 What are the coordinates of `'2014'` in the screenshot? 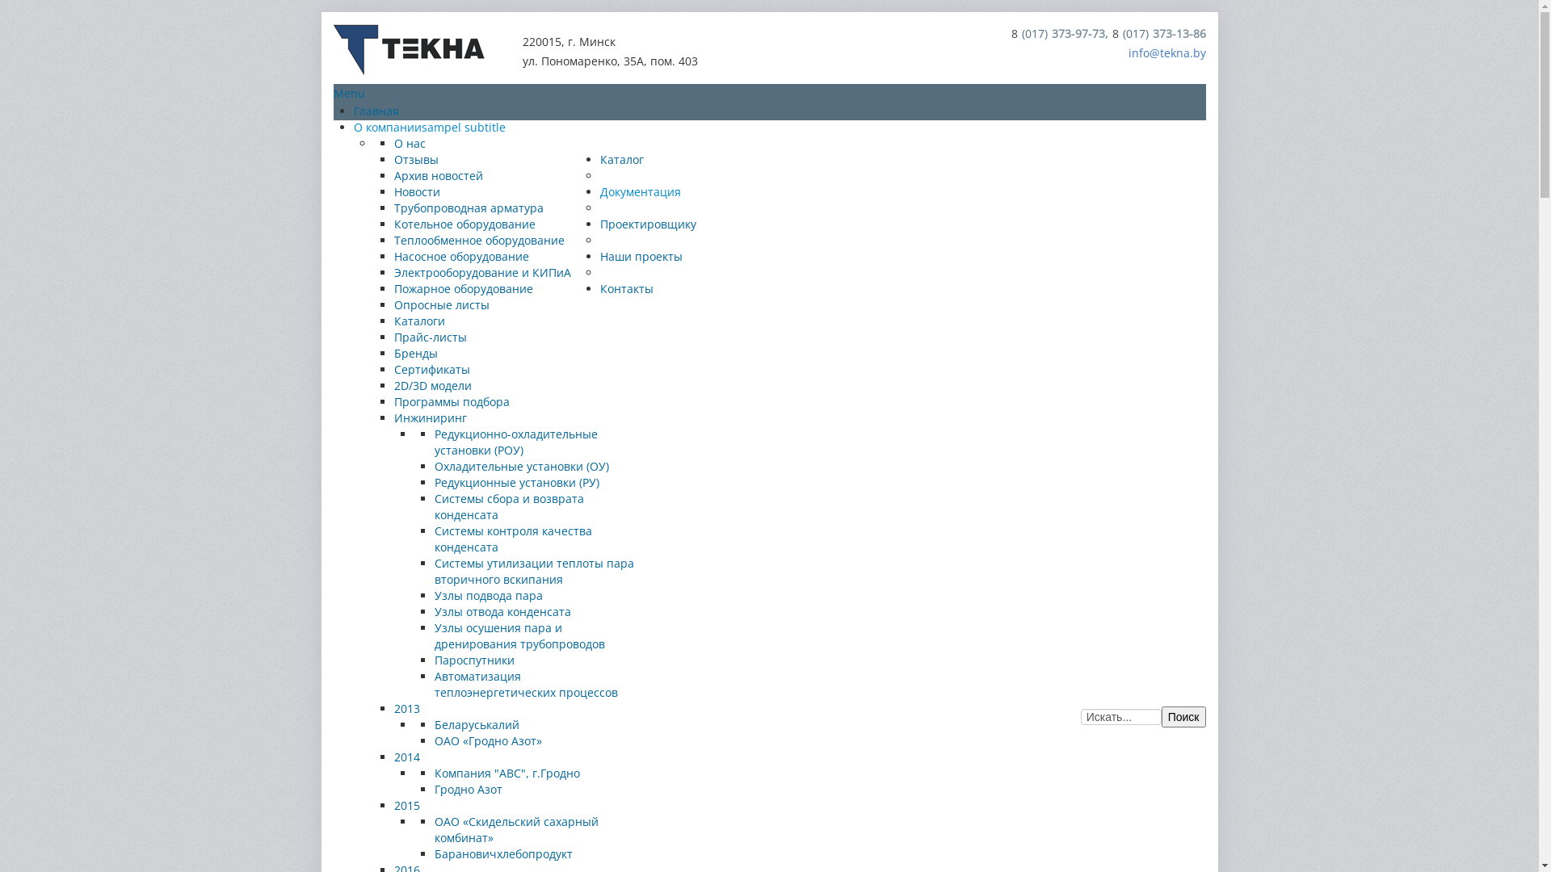 It's located at (407, 757).